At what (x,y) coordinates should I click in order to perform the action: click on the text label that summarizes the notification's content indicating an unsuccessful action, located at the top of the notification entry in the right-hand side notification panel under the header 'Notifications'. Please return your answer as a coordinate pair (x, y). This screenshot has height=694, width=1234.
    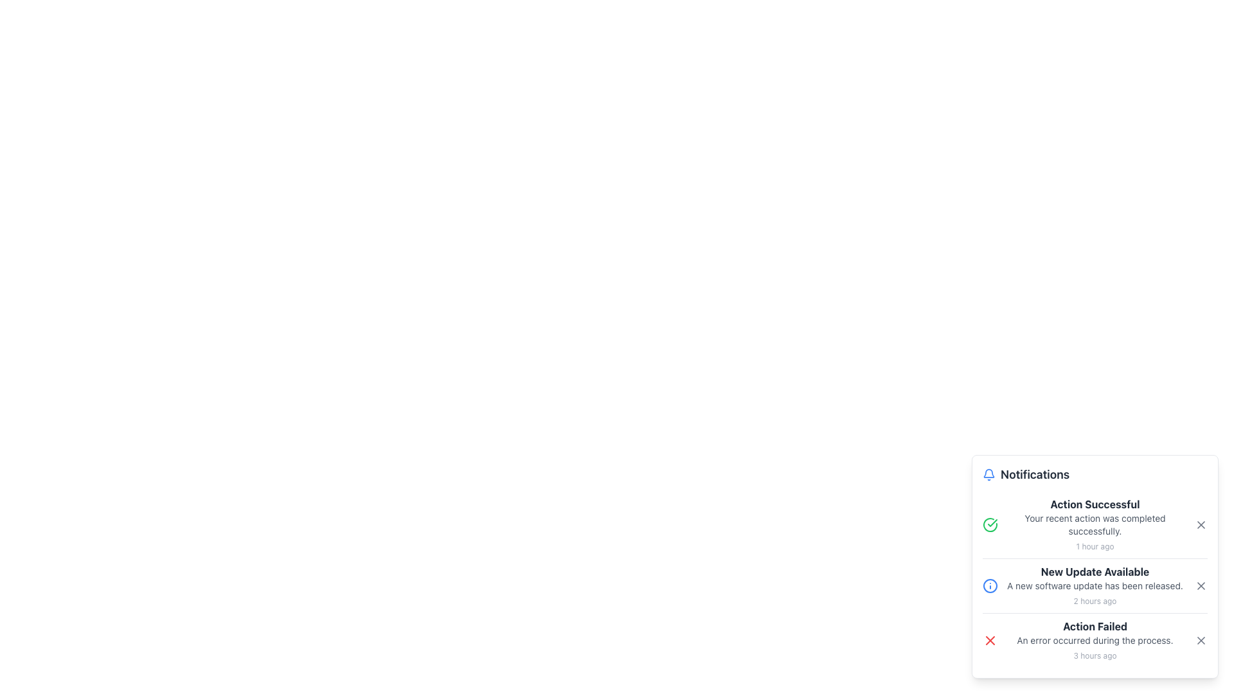
    Looking at the image, I should click on (1095, 626).